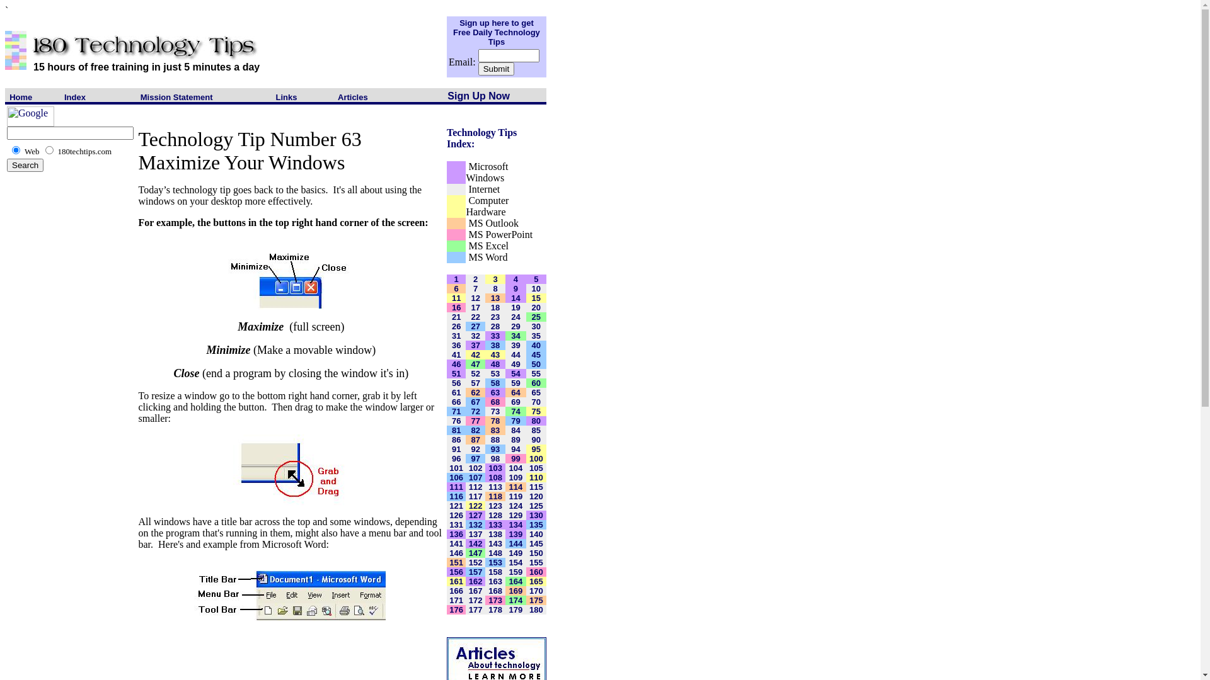 This screenshot has height=680, width=1210. Describe the element at coordinates (516, 590) in the screenshot. I see `'169'` at that location.